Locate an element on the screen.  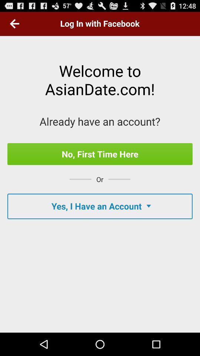
item above the or app is located at coordinates (100, 154).